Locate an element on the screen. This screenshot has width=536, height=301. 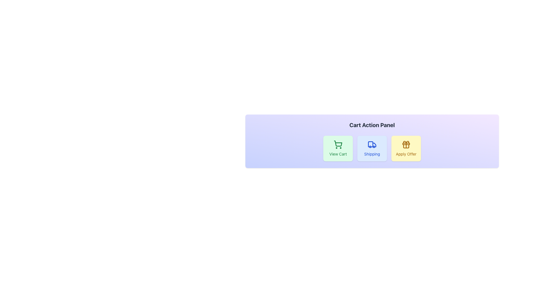
the yellow 'Apply Offer' button with a brown gift icon, located in the 'Cart Action Panel' is located at coordinates (406, 148).